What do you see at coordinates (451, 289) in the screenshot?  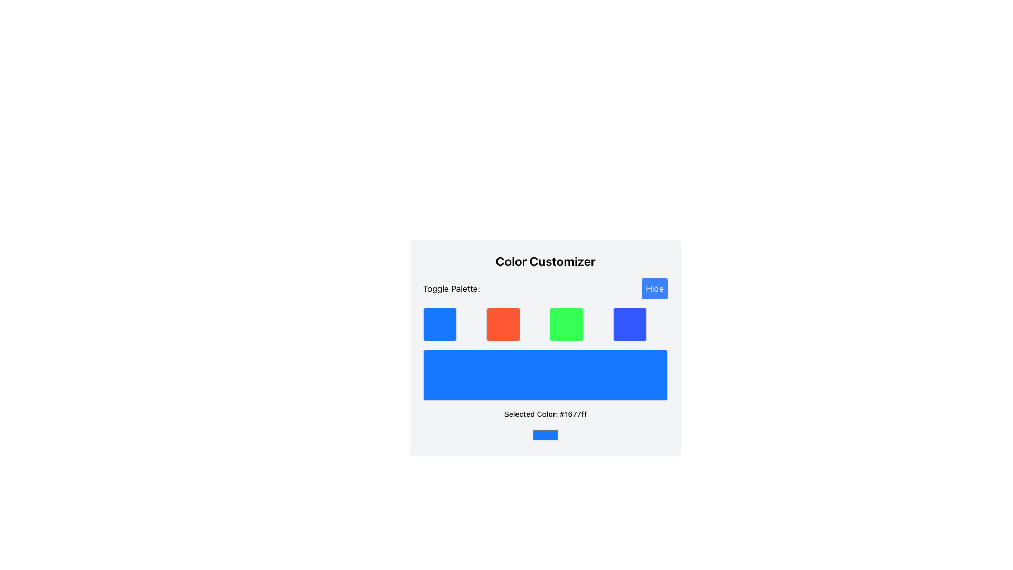 I see `the text label reading 'Toggle Palette:' which is located in the upper-left portion of a grouped header section, adjacent to the 'Hide' button` at bounding box center [451, 289].